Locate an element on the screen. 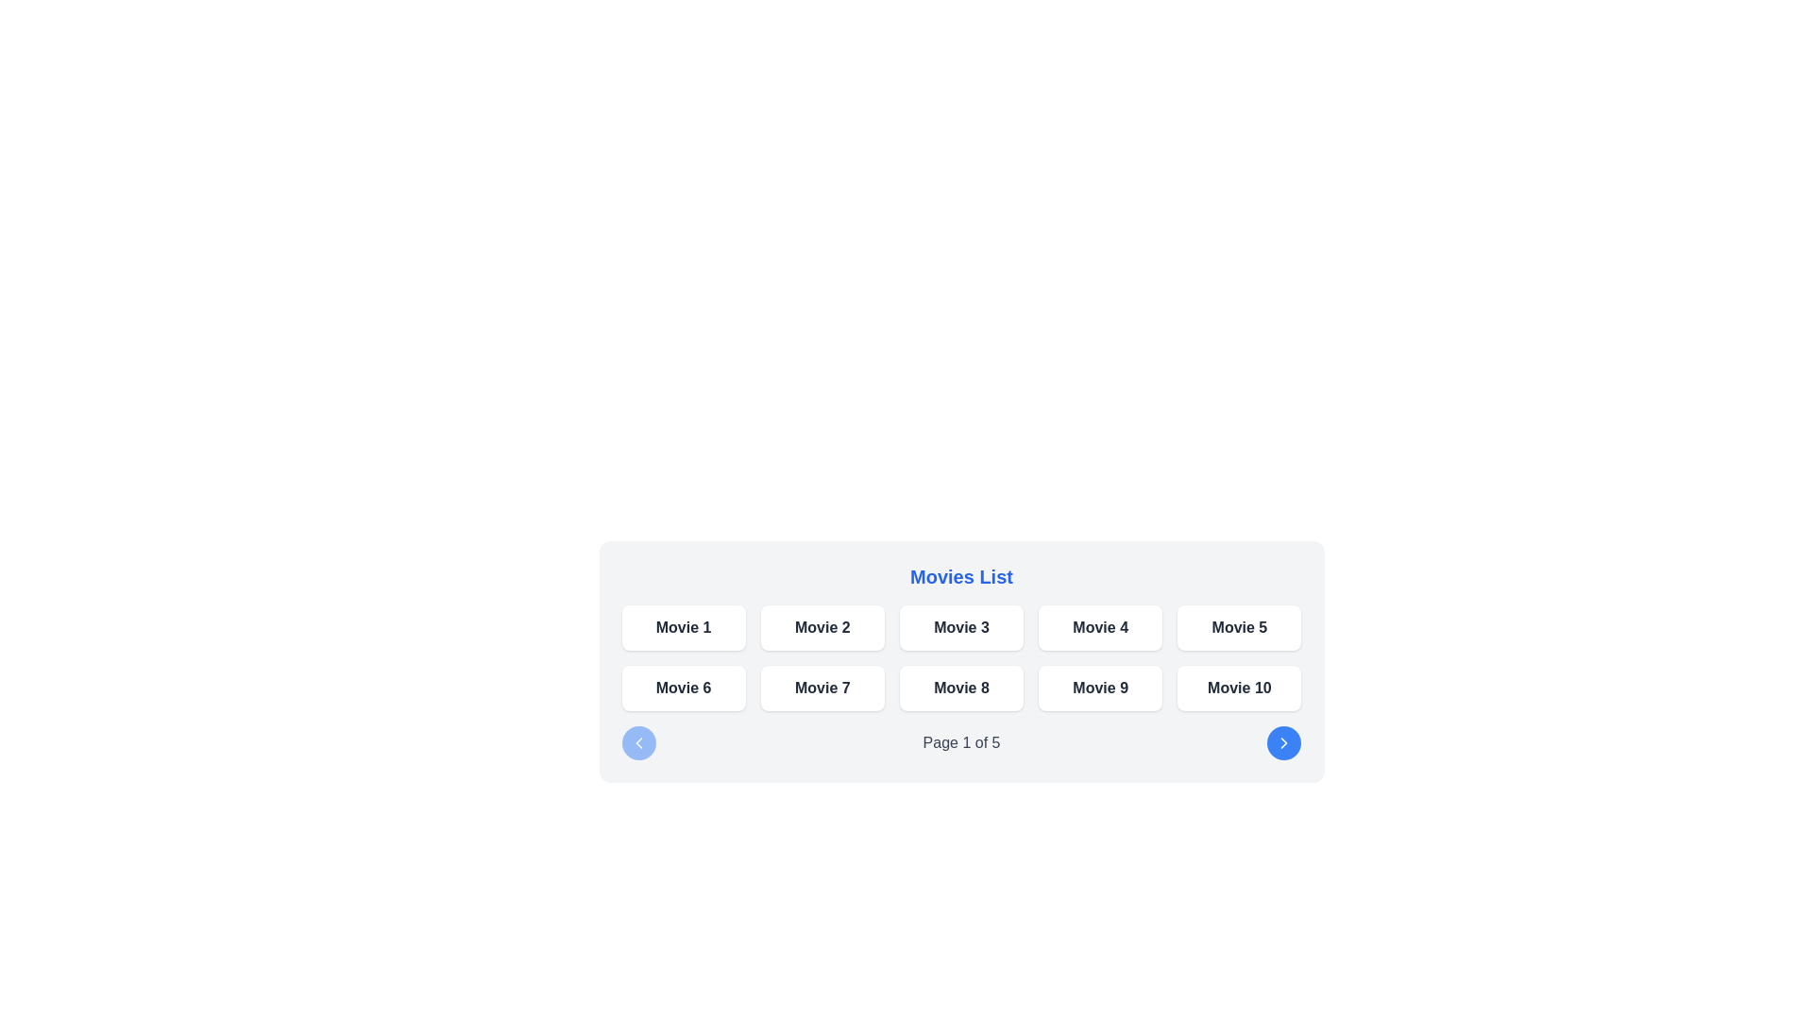  the button representing 'Movie 1' is located at coordinates (683, 627).